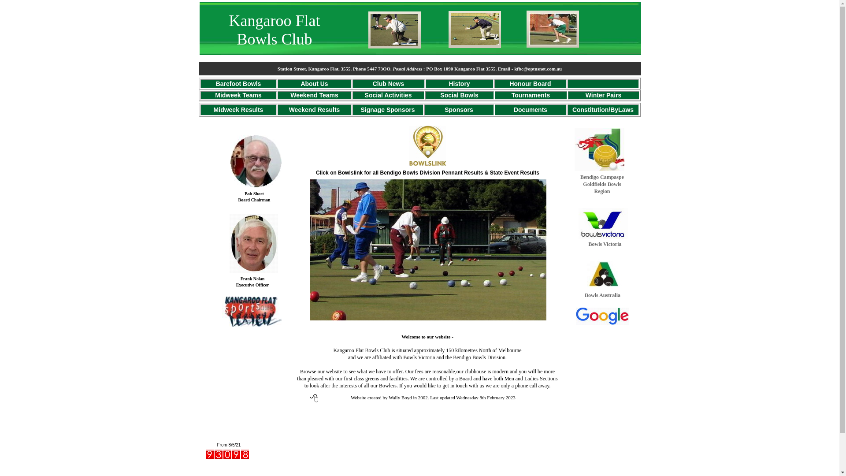 The width and height of the screenshot is (846, 476). Describe the element at coordinates (444, 95) in the screenshot. I see `'ocial Bowls'` at that location.